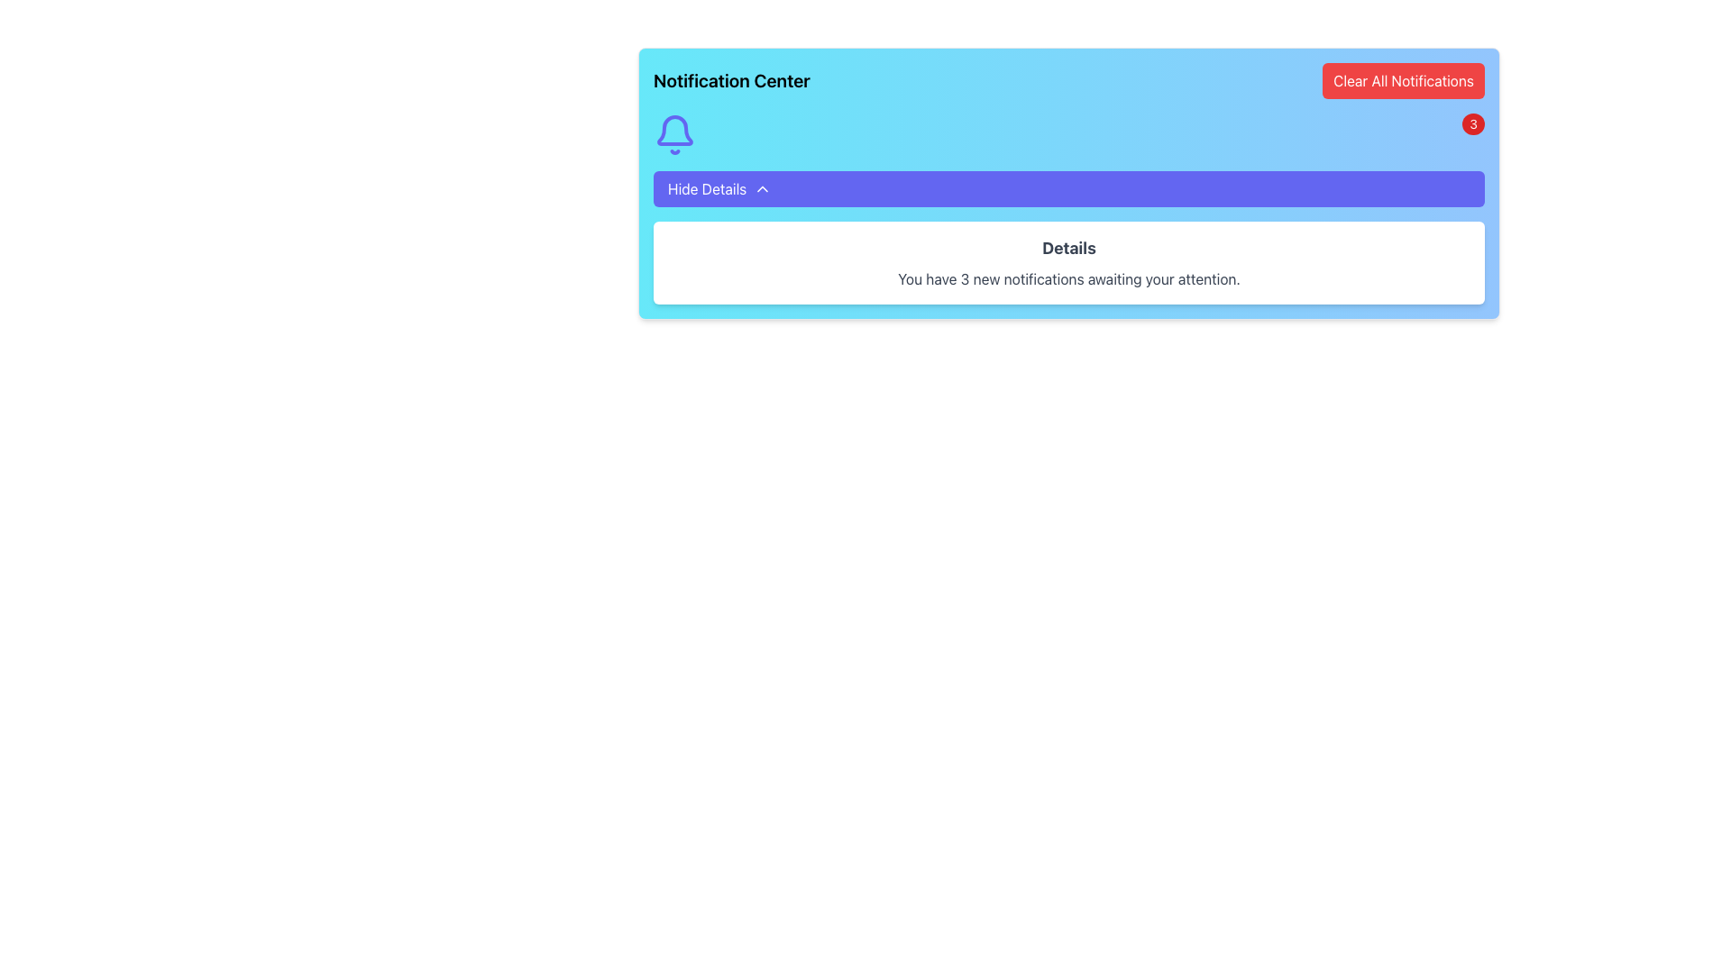 The height and width of the screenshot is (973, 1731). What do you see at coordinates (763, 188) in the screenshot?
I see `the upward-facing chevron icon next to the 'Hide Details' label` at bounding box center [763, 188].